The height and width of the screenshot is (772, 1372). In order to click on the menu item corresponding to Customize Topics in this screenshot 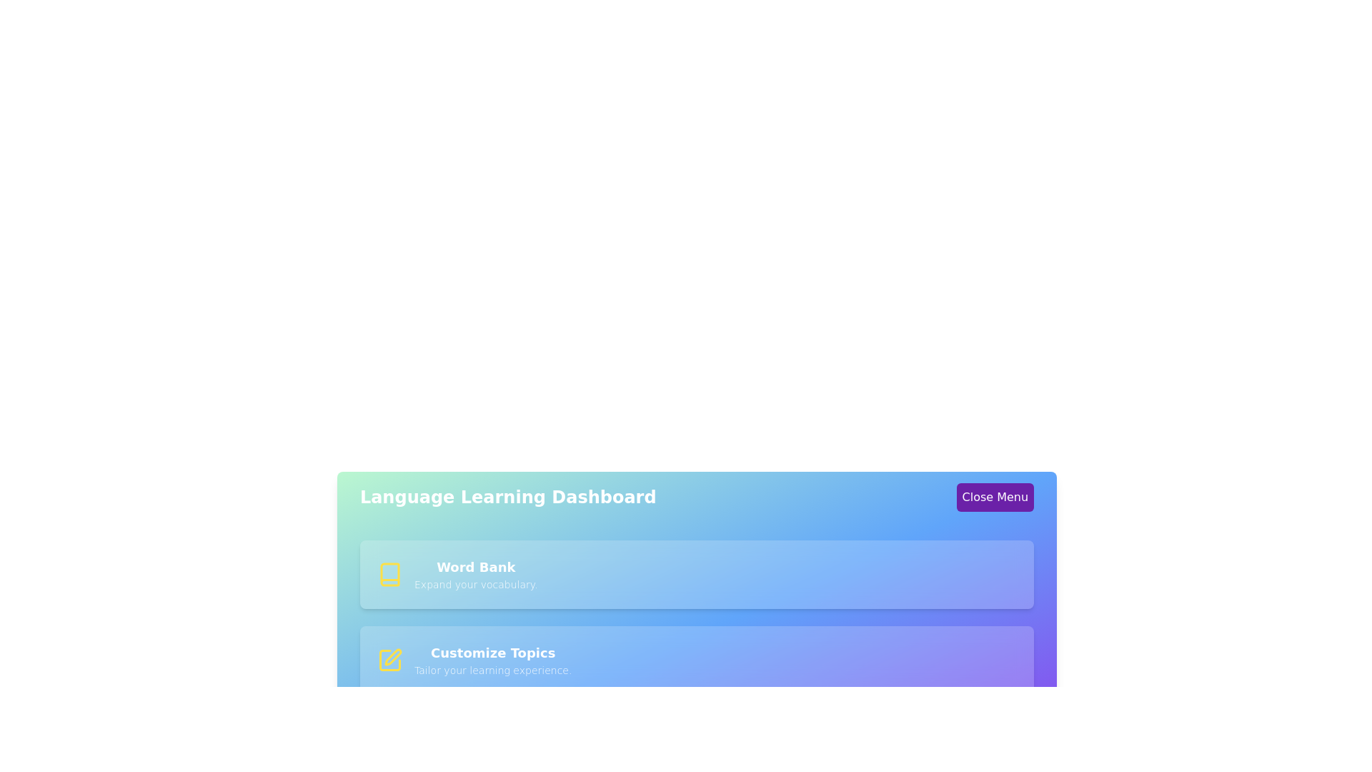, I will do `click(697, 660)`.